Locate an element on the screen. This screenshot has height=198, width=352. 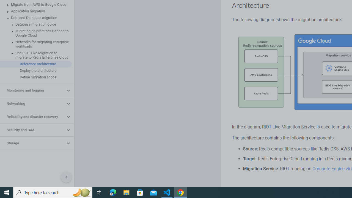
'Monitoring and logging' is located at coordinates (32, 90).